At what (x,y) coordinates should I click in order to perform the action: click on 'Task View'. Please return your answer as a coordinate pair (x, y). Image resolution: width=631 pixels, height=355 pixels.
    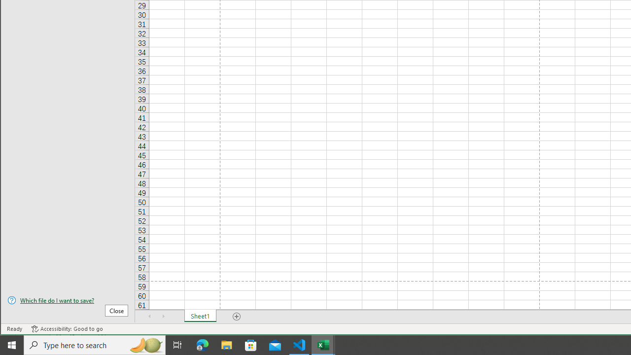
    Looking at the image, I should click on (177, 344).